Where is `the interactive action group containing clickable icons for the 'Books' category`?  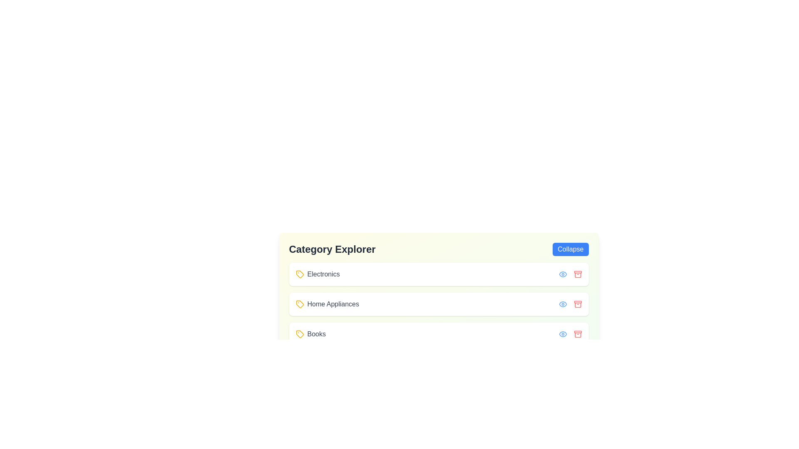
the interactive action group containing clickable icons for the 'Books' category is located at coordinates (570, 333).